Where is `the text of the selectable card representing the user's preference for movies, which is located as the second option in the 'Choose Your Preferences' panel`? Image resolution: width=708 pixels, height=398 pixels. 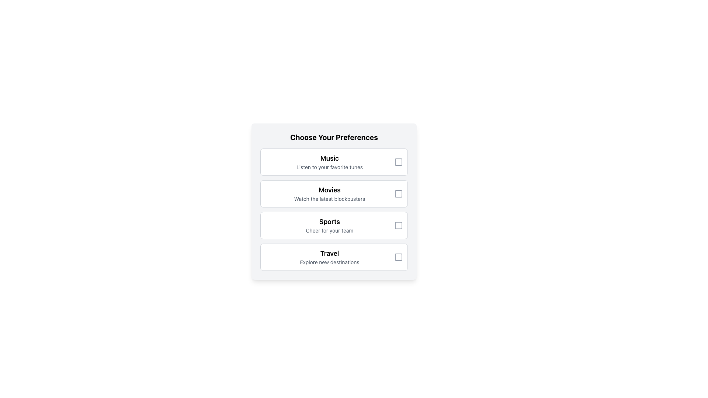
the text of the selectable card representing the user's preference for movies, which is located as the second option in the 'Choose Your Preferences' panel is located at coordinates (334, 193).